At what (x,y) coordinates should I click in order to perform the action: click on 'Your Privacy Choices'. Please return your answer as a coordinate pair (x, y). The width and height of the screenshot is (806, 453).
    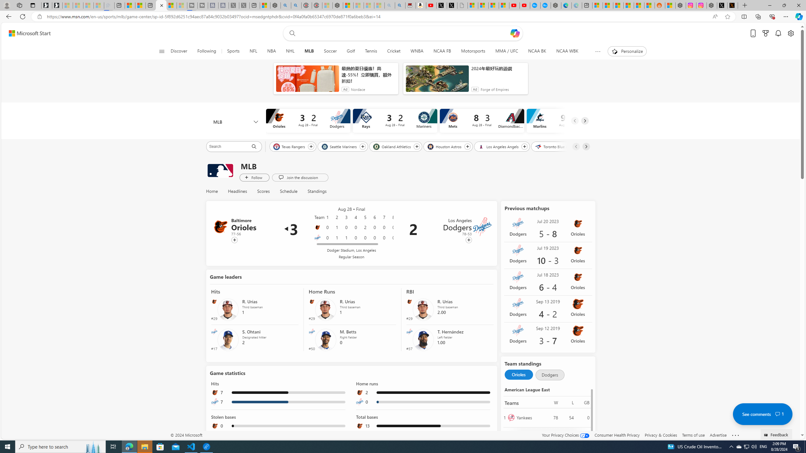
    Looking at the image, I should click on (566, 435).